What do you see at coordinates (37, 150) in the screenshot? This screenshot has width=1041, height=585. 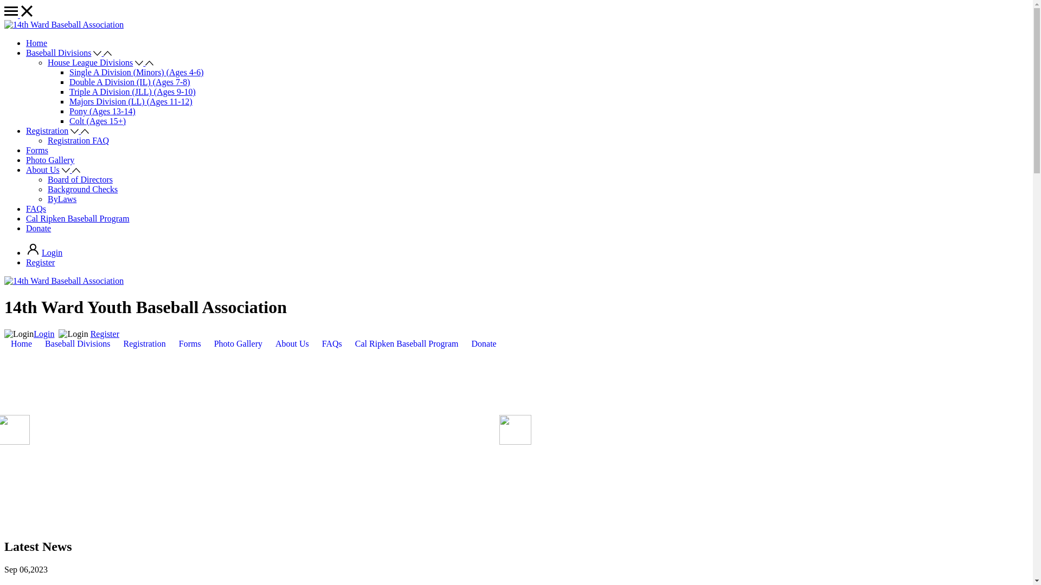 I see `'Forms'` at bounding box center [37, 150].